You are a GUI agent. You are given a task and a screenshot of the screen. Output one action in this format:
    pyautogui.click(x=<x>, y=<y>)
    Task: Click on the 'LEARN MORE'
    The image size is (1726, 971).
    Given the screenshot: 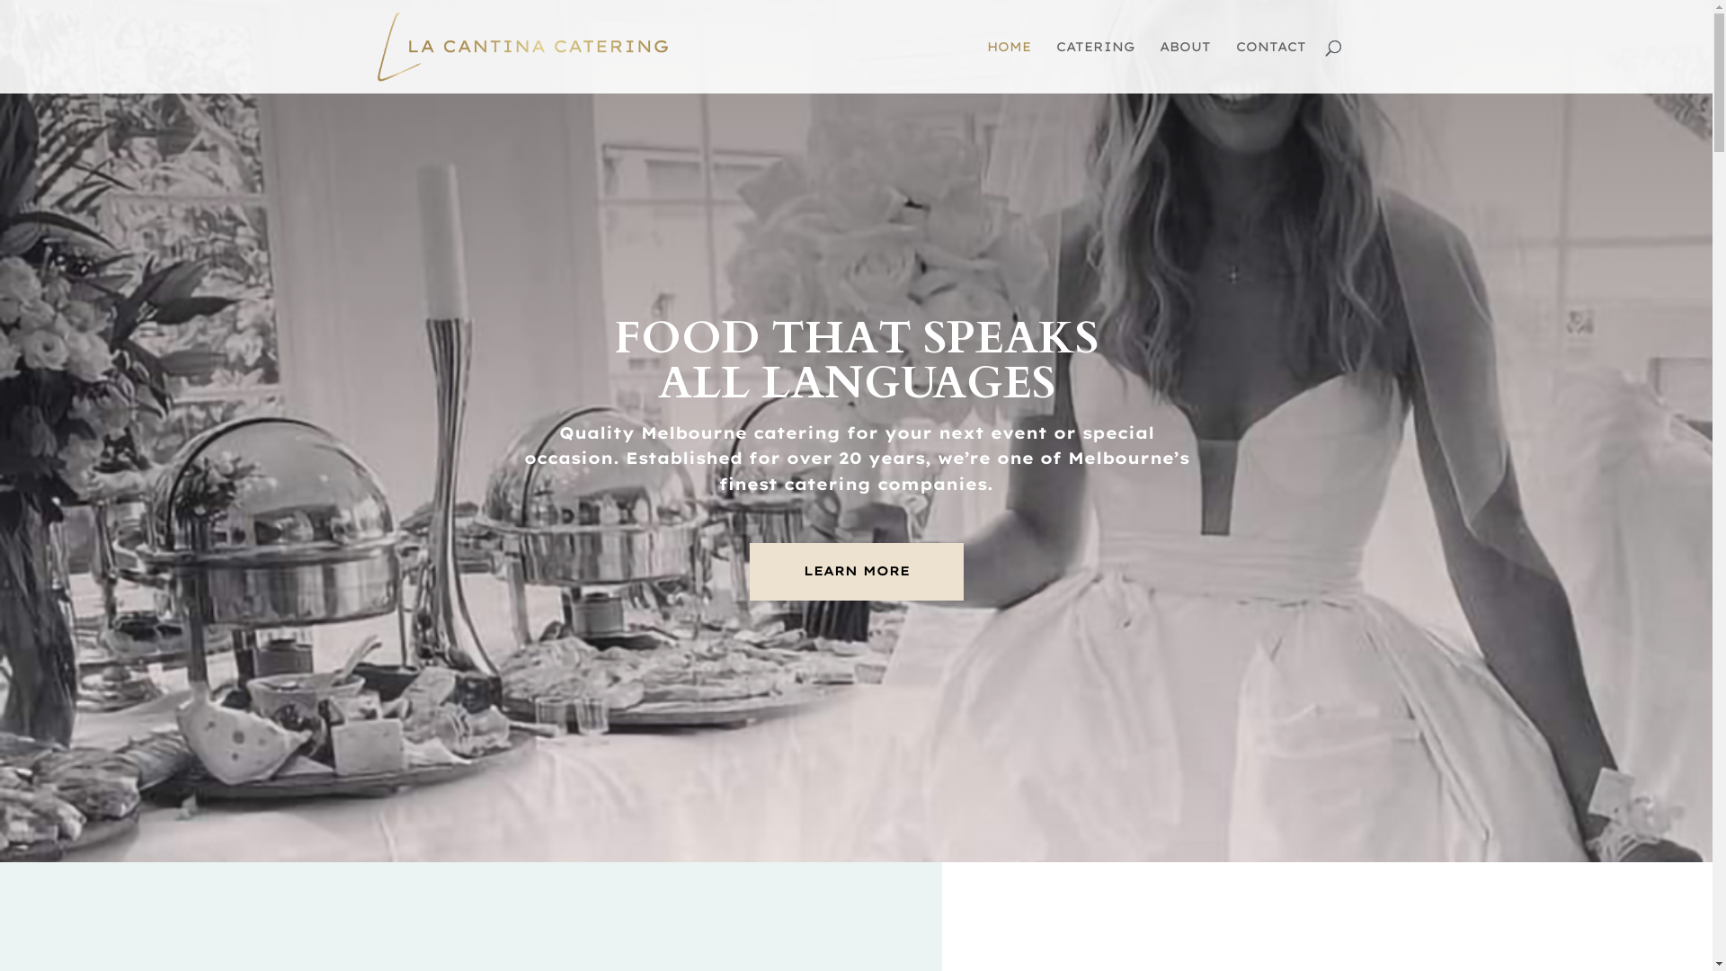 What is the action you would take?
    pyautogui.click(x=856, y=572)
    